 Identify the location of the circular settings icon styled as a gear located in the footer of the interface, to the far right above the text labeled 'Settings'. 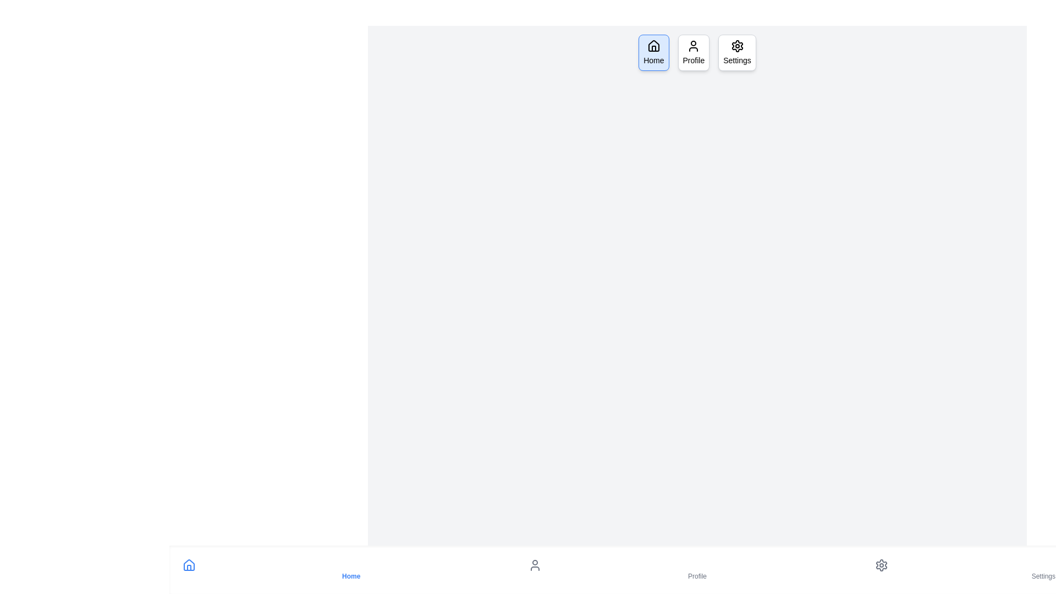
(881, 565).